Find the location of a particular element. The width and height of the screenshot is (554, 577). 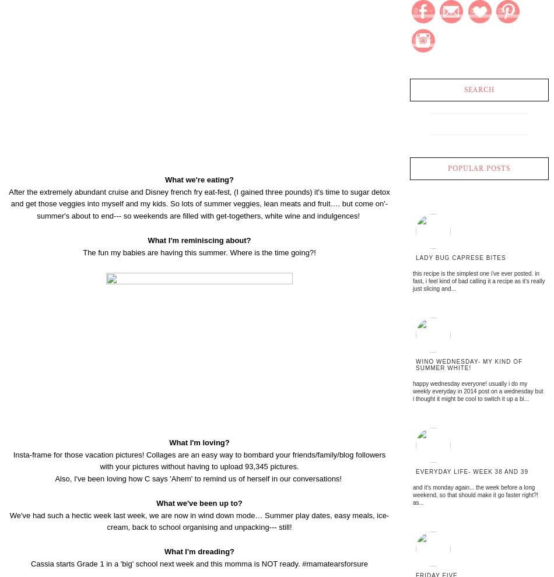

'Search' is located at coordinates (462, 90).